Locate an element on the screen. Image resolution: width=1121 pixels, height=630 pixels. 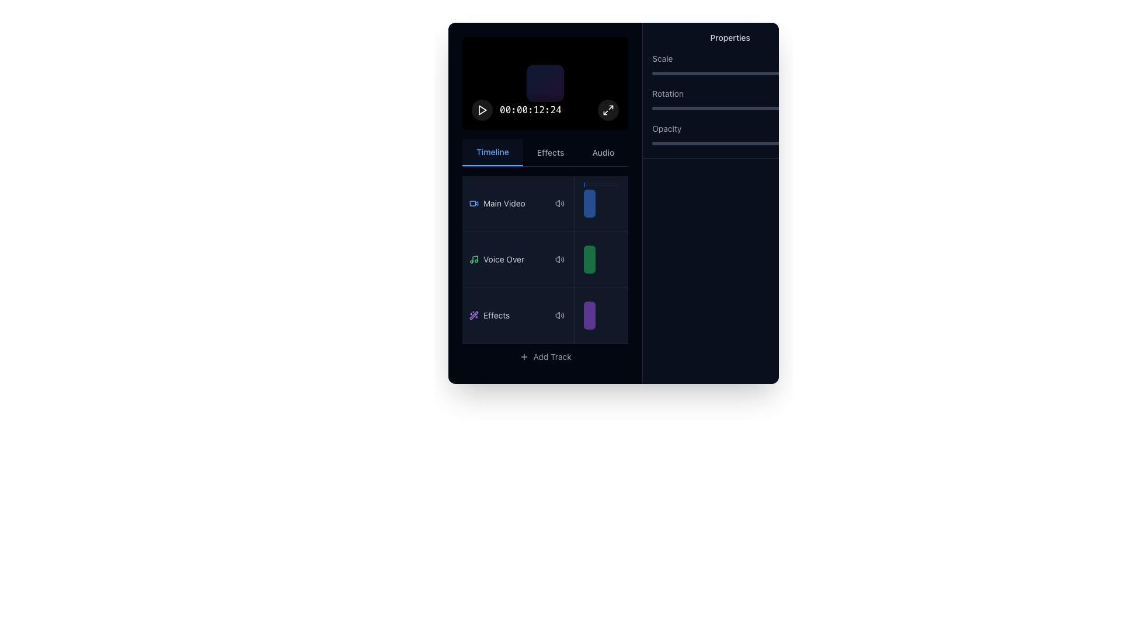
the small rounded rectangle with a purple fill representing the Graphical Track Representation located on the 'Effects' row in the timeline grid is located at coordinates (601, 315).